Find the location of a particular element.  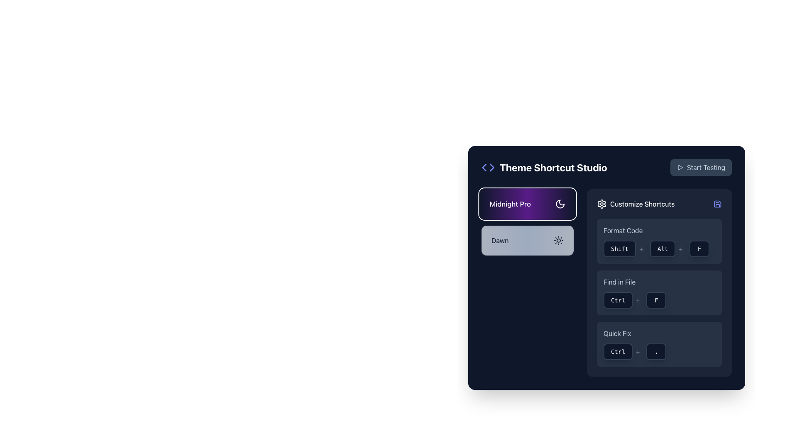

the keyboard shortcut display for 'Ctrl+F' located in the 'Find in File' section on the right sidebar, beneath the 'Customize Shortcuts' header is located at coordinates (659, 300).